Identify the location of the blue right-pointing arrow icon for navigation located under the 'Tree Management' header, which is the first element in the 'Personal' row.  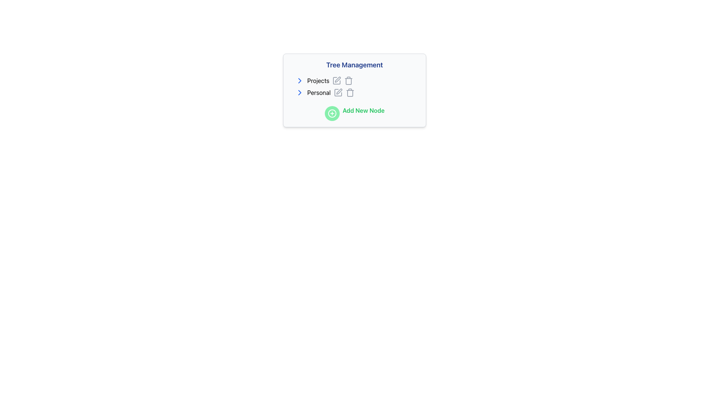
(300, 92).